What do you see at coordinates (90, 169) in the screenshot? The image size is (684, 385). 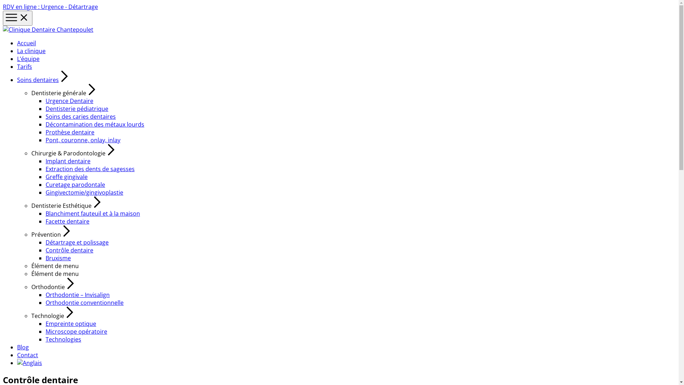 I see `'Extraction des dents de sagesses'` at bounding box center [90, 169].